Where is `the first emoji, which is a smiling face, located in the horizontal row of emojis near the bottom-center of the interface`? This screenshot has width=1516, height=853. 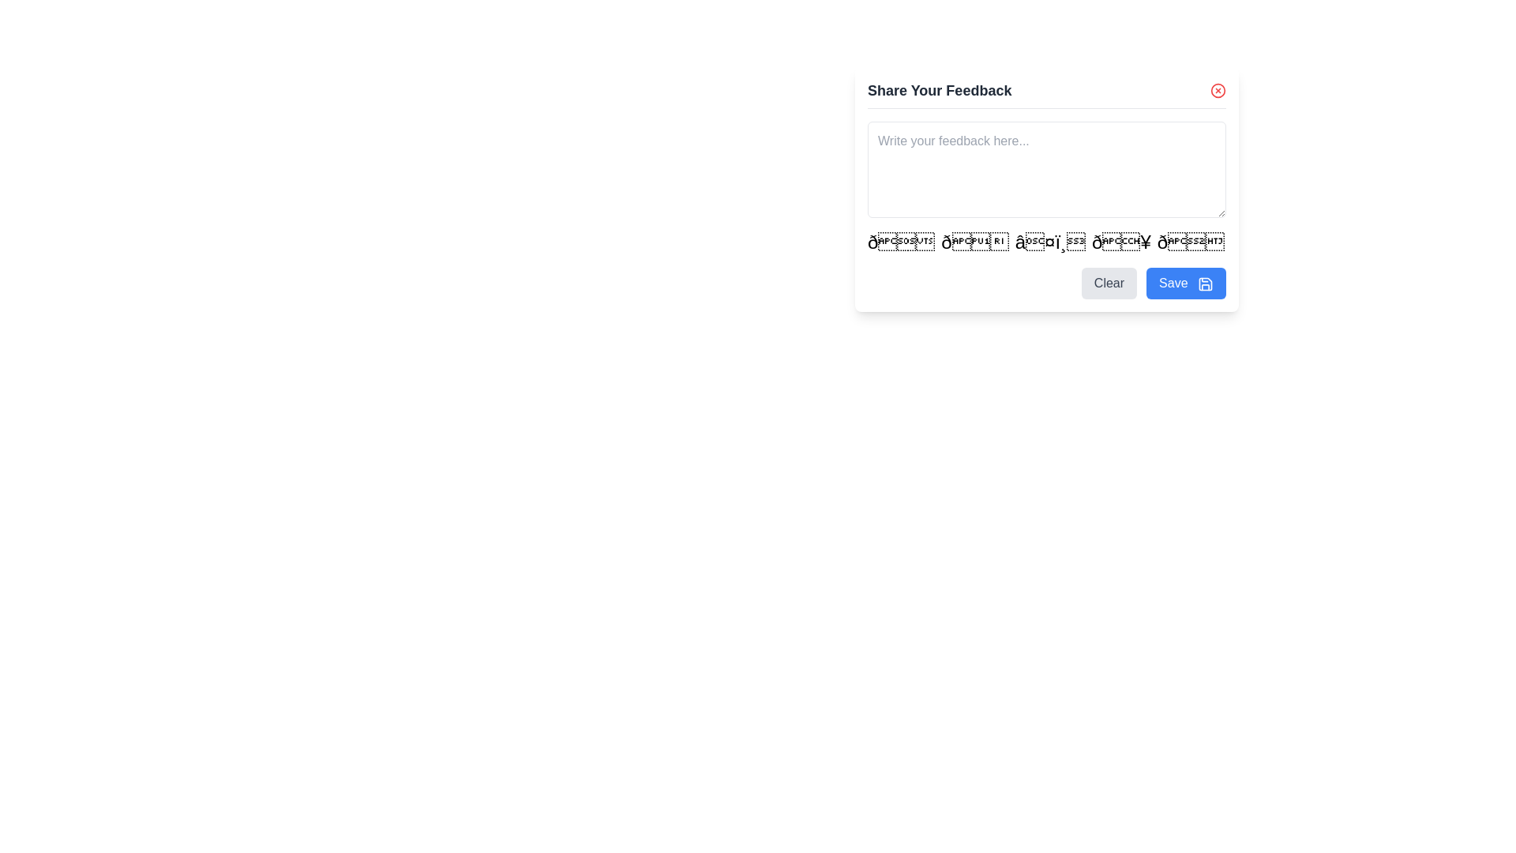
the first emoji, which is a smiling face, located in the horizontal row of emojis near the bottom-center of the interface is located at coordinates (901, 242).